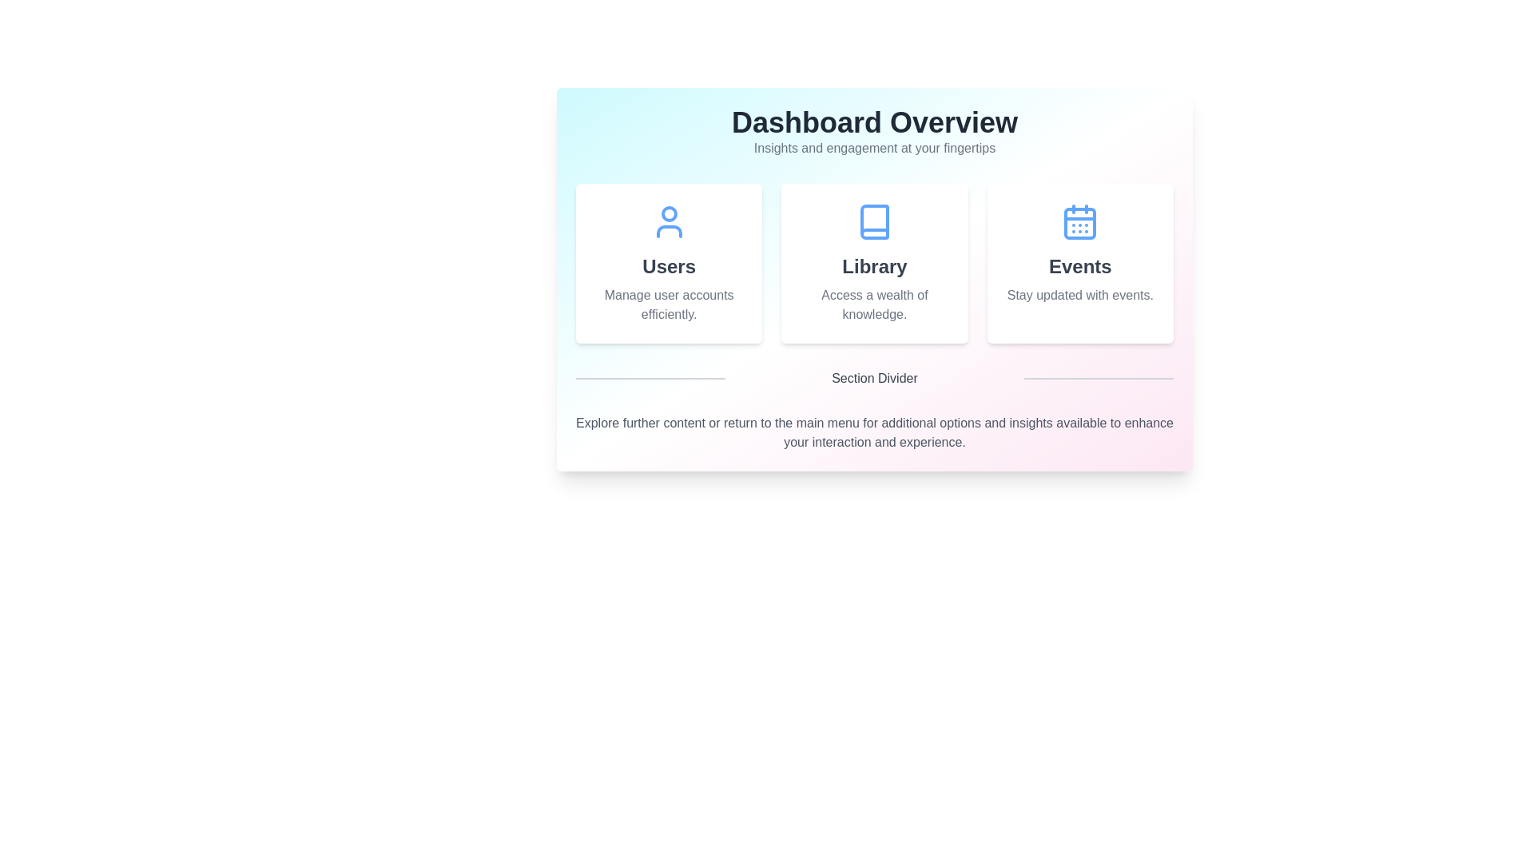 Image resolution: width=1534 pixels, height=863 pixels. Describe the element at coordinates (873, 263) in the screenshot. I see `the grid panels located centrally under the heading 'Dashboard Overview'` at that location.